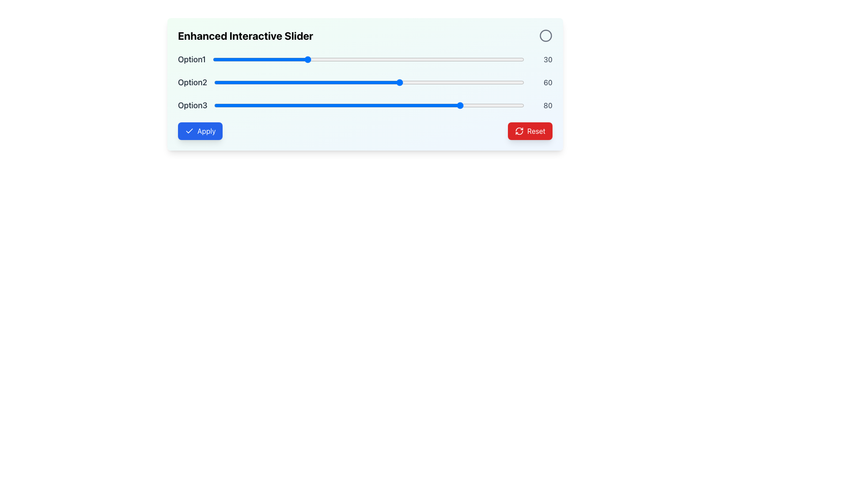 The height and width of the screenshot is (477, 848). Describe the element at coordinates (315, 60) in the screenshot. I see `the value of the slider` at that location.